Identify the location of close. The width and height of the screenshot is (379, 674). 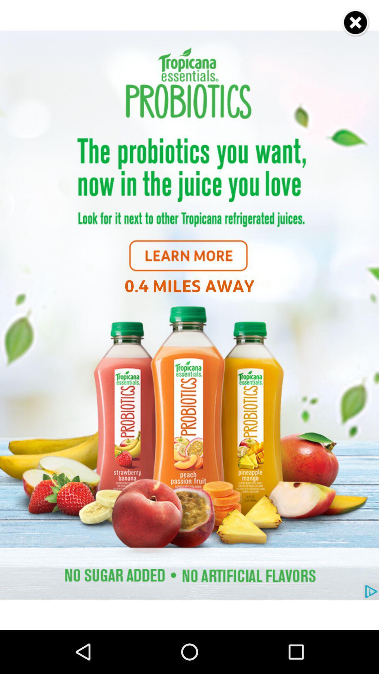
(356, 23).